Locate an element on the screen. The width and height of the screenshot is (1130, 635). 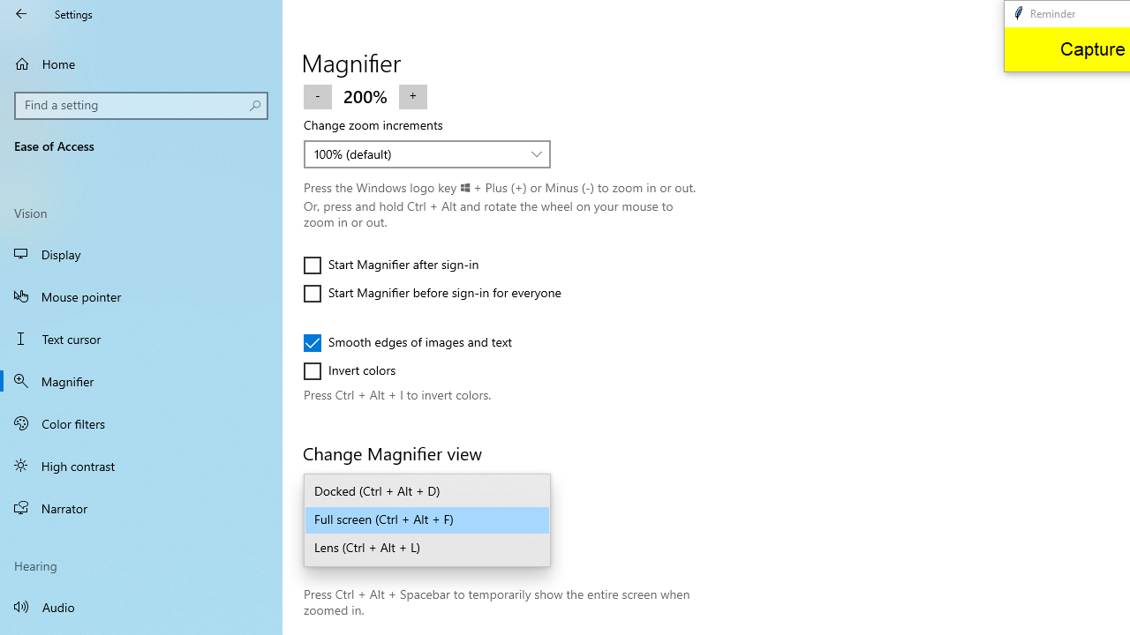
'Text cursor' is located at coordinates (141, 339).